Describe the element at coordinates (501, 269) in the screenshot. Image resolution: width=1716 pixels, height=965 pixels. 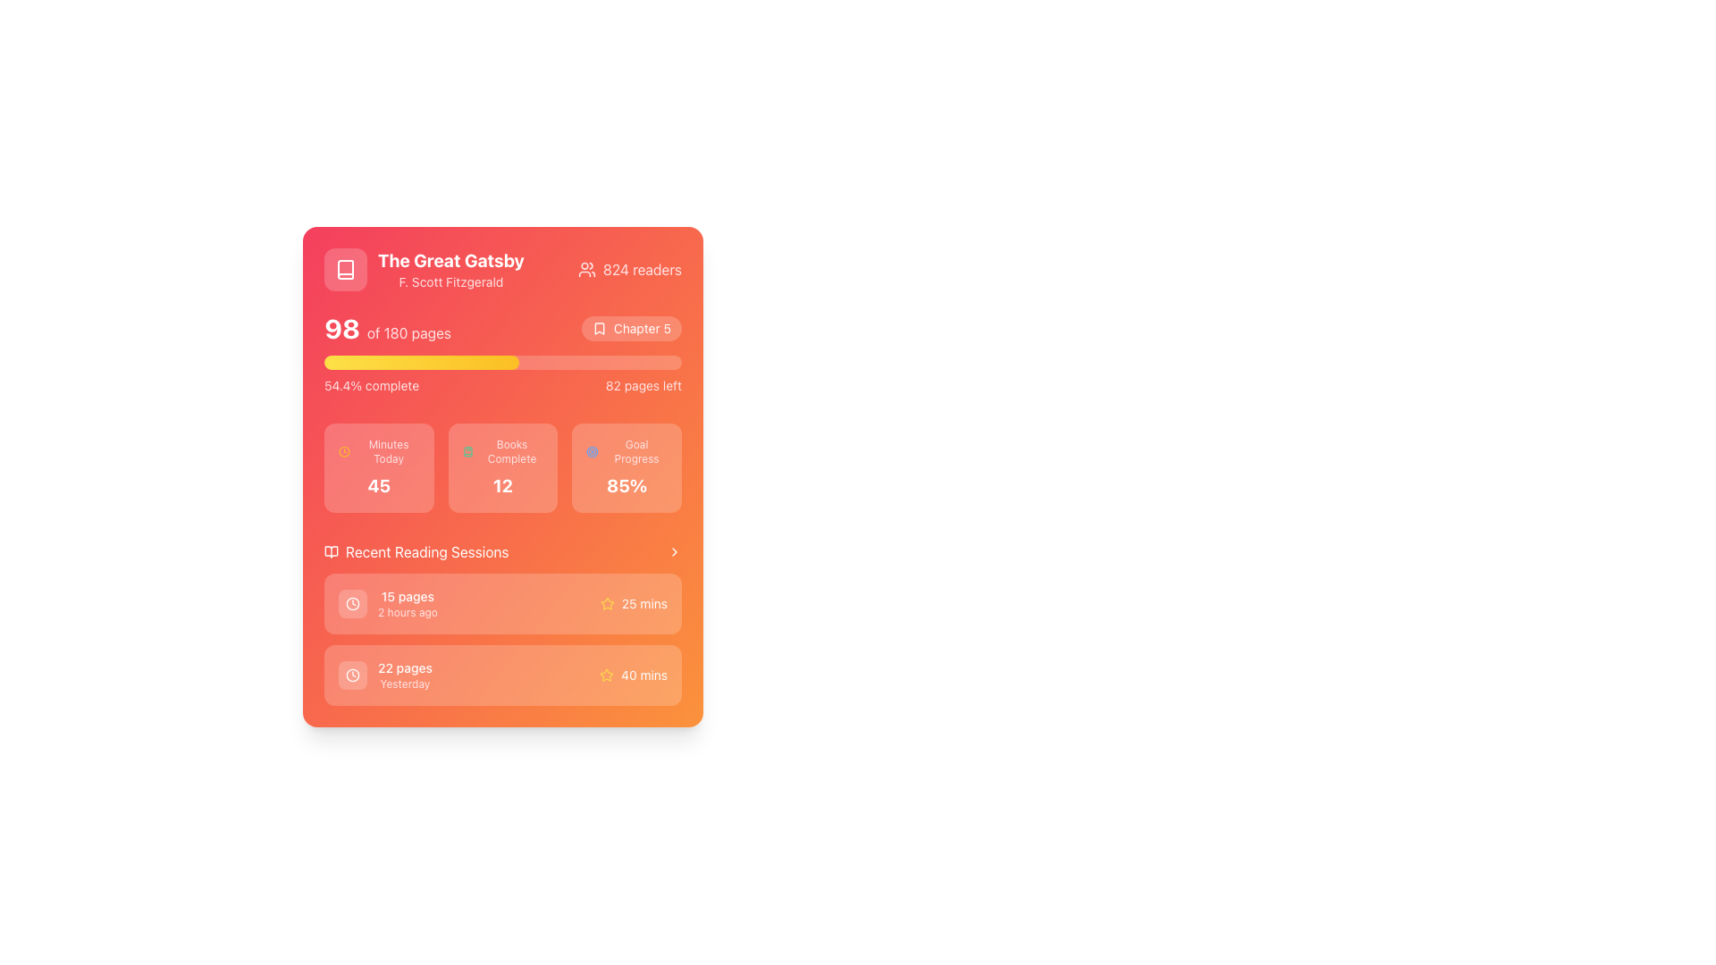
I see `the Informational panel displaying 'The Great Gatsby' with the book icon and reader count` at that location.